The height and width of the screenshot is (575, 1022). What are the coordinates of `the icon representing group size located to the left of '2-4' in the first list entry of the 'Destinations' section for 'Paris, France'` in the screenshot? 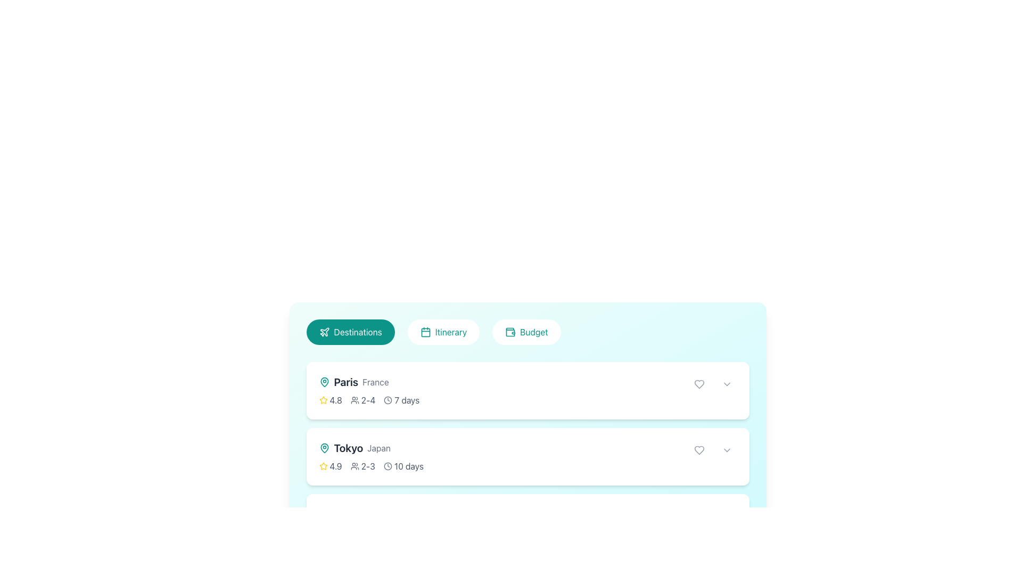 It's located at (355, 400).